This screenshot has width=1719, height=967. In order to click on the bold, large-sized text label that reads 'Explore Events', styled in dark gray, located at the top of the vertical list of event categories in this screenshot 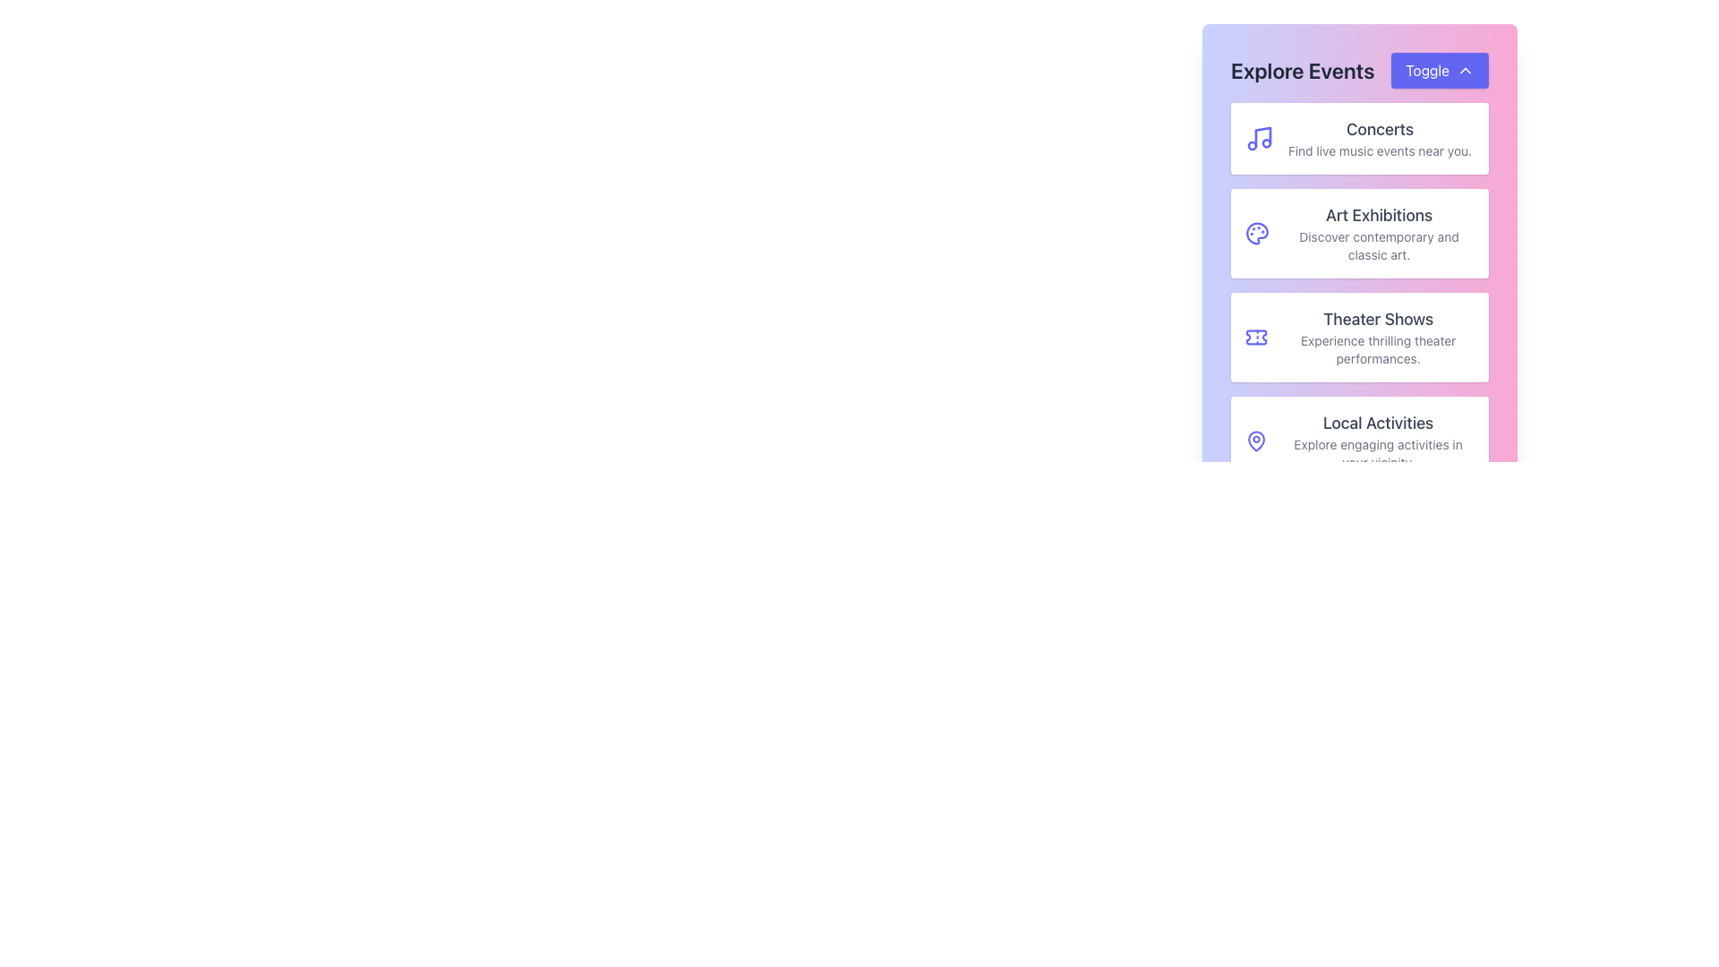, I will do `click(1303, 69)`.